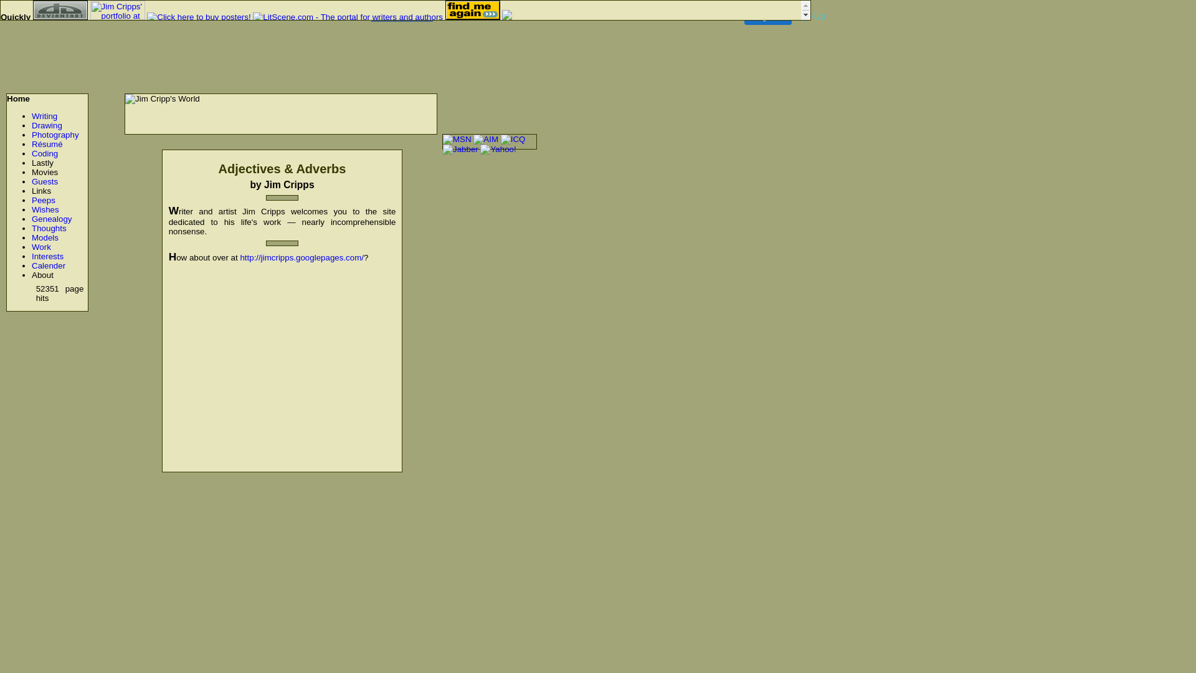 The height and width of the screenshot is (673, 1196). I want to click on 'Coding', so click(32, 153).